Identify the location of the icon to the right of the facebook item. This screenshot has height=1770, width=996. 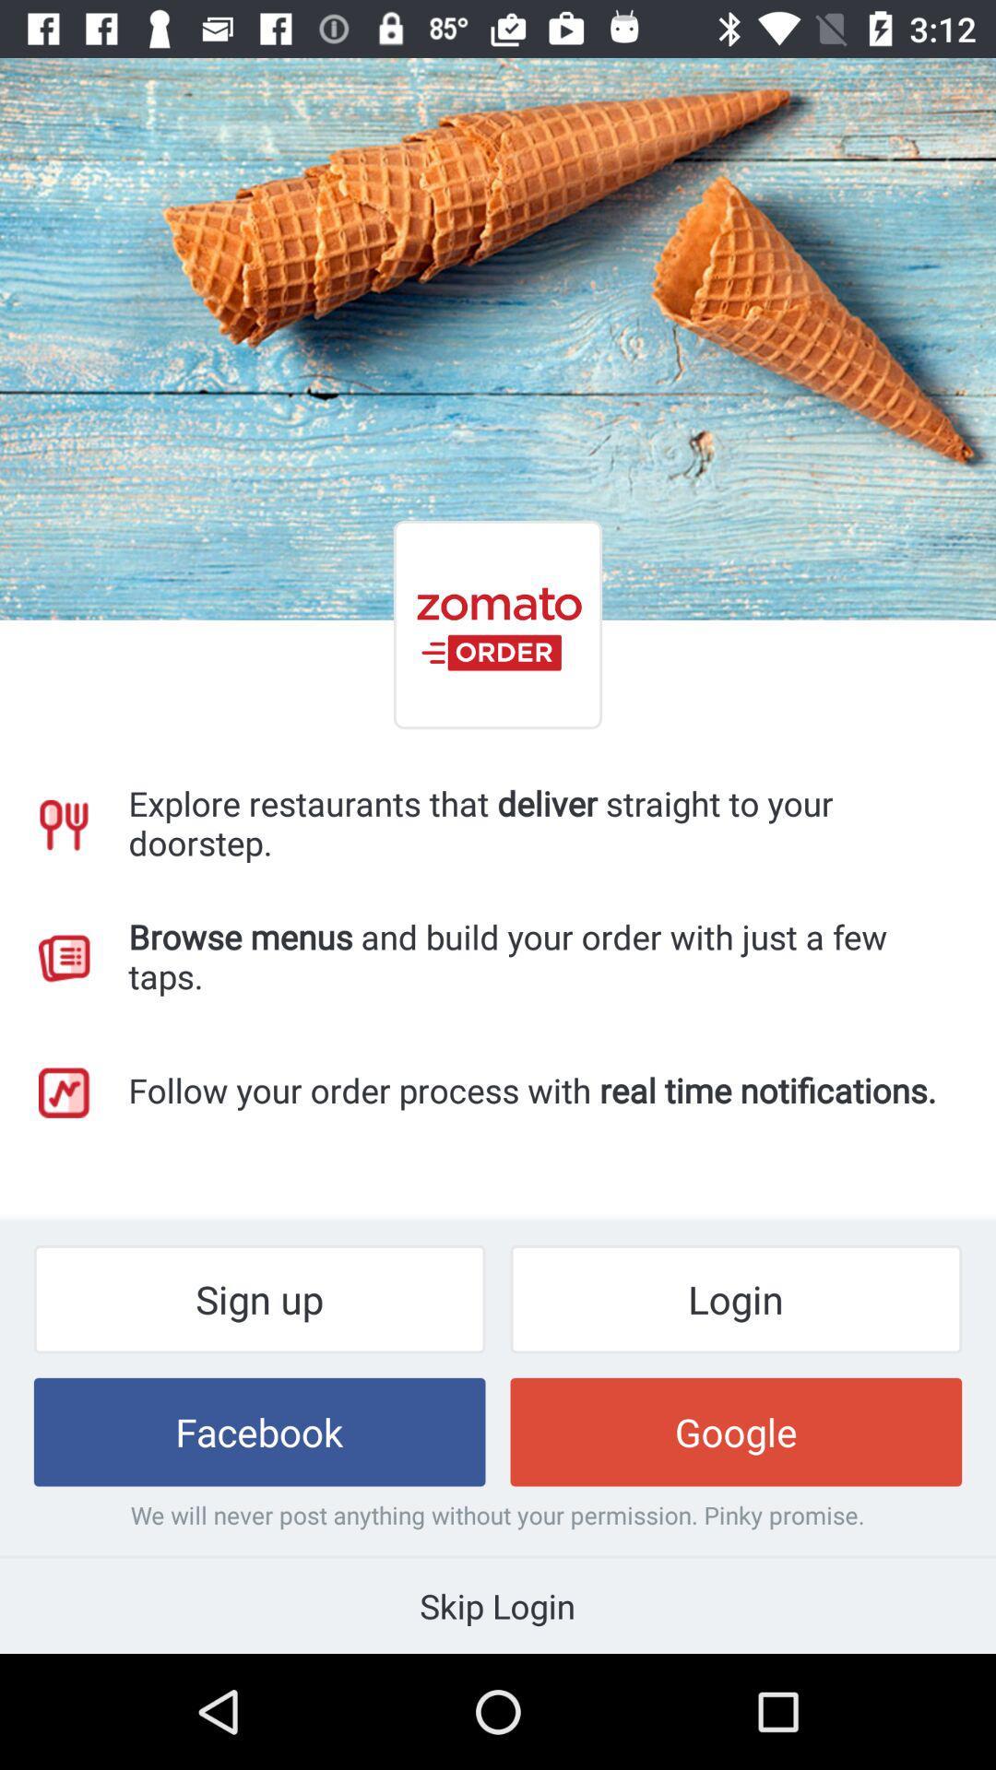
(735, 1431).